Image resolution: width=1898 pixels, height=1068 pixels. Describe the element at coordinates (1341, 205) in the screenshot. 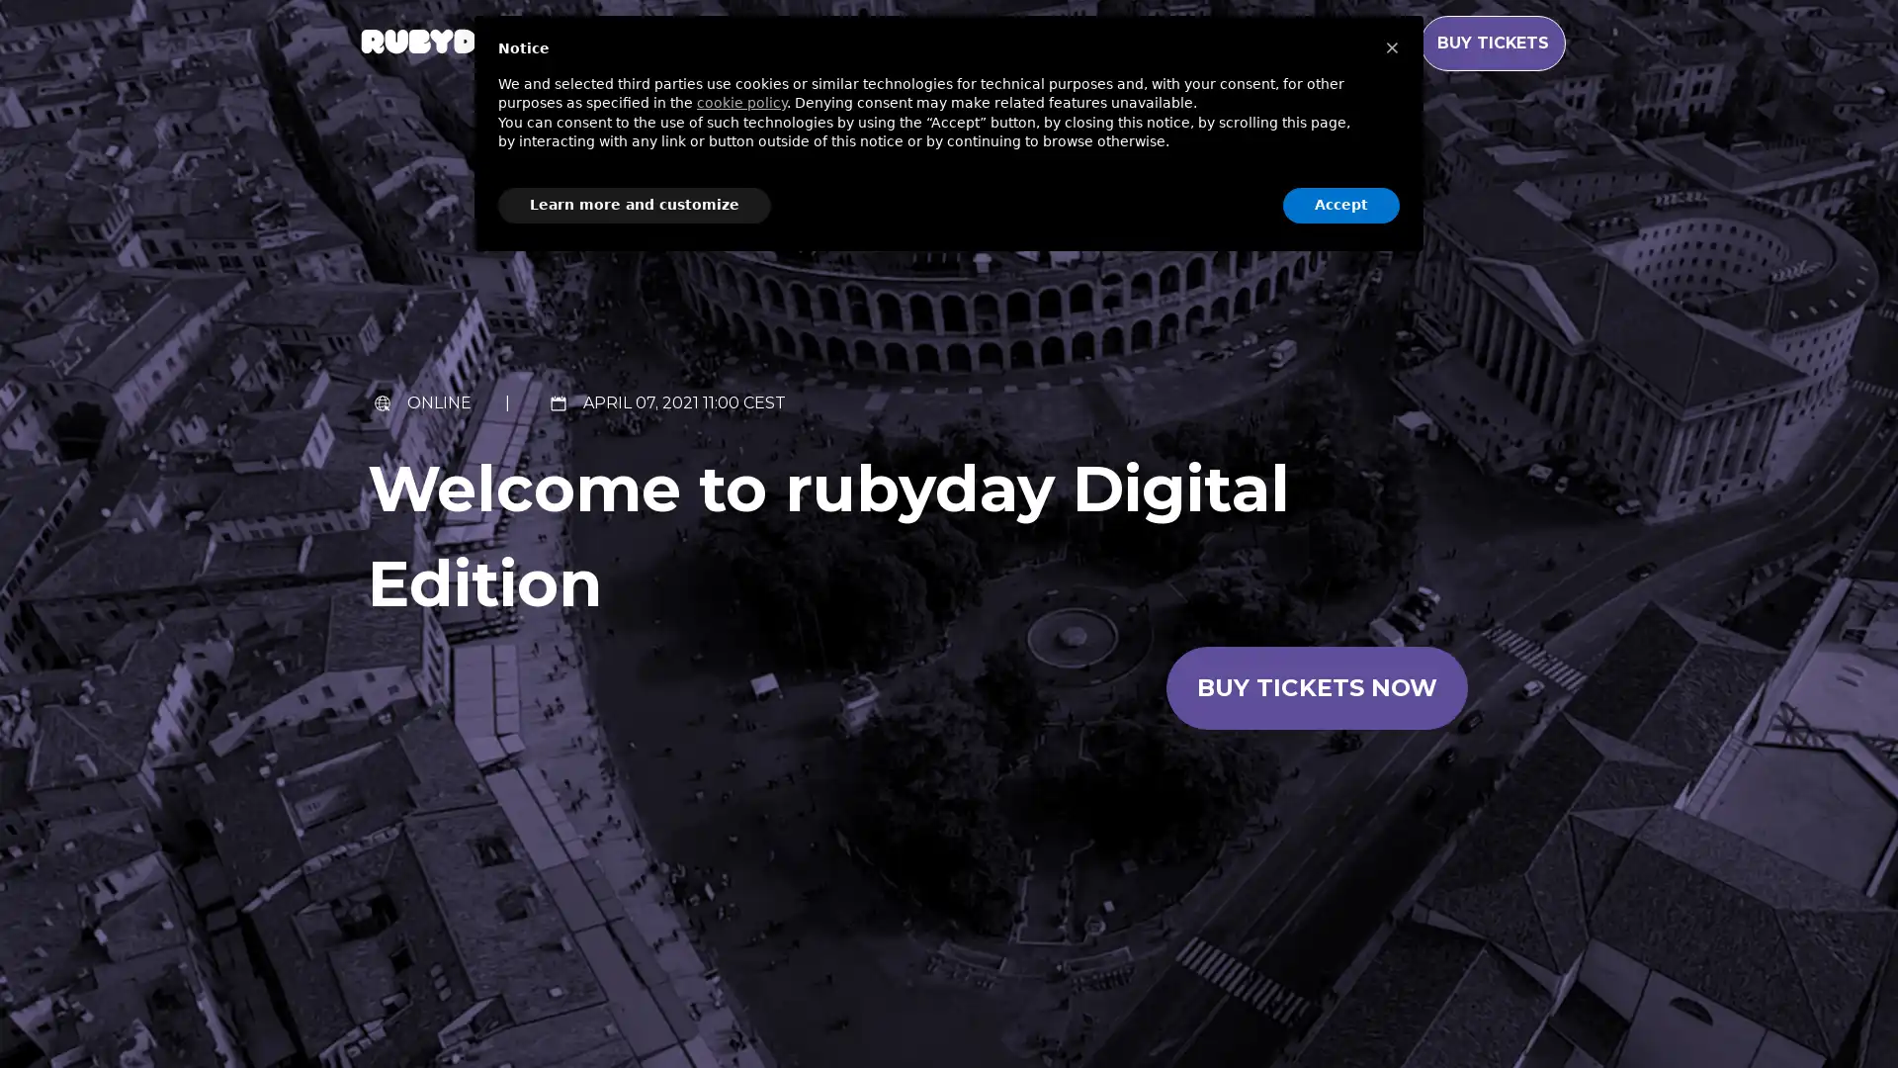

I see `Accept` at that location.